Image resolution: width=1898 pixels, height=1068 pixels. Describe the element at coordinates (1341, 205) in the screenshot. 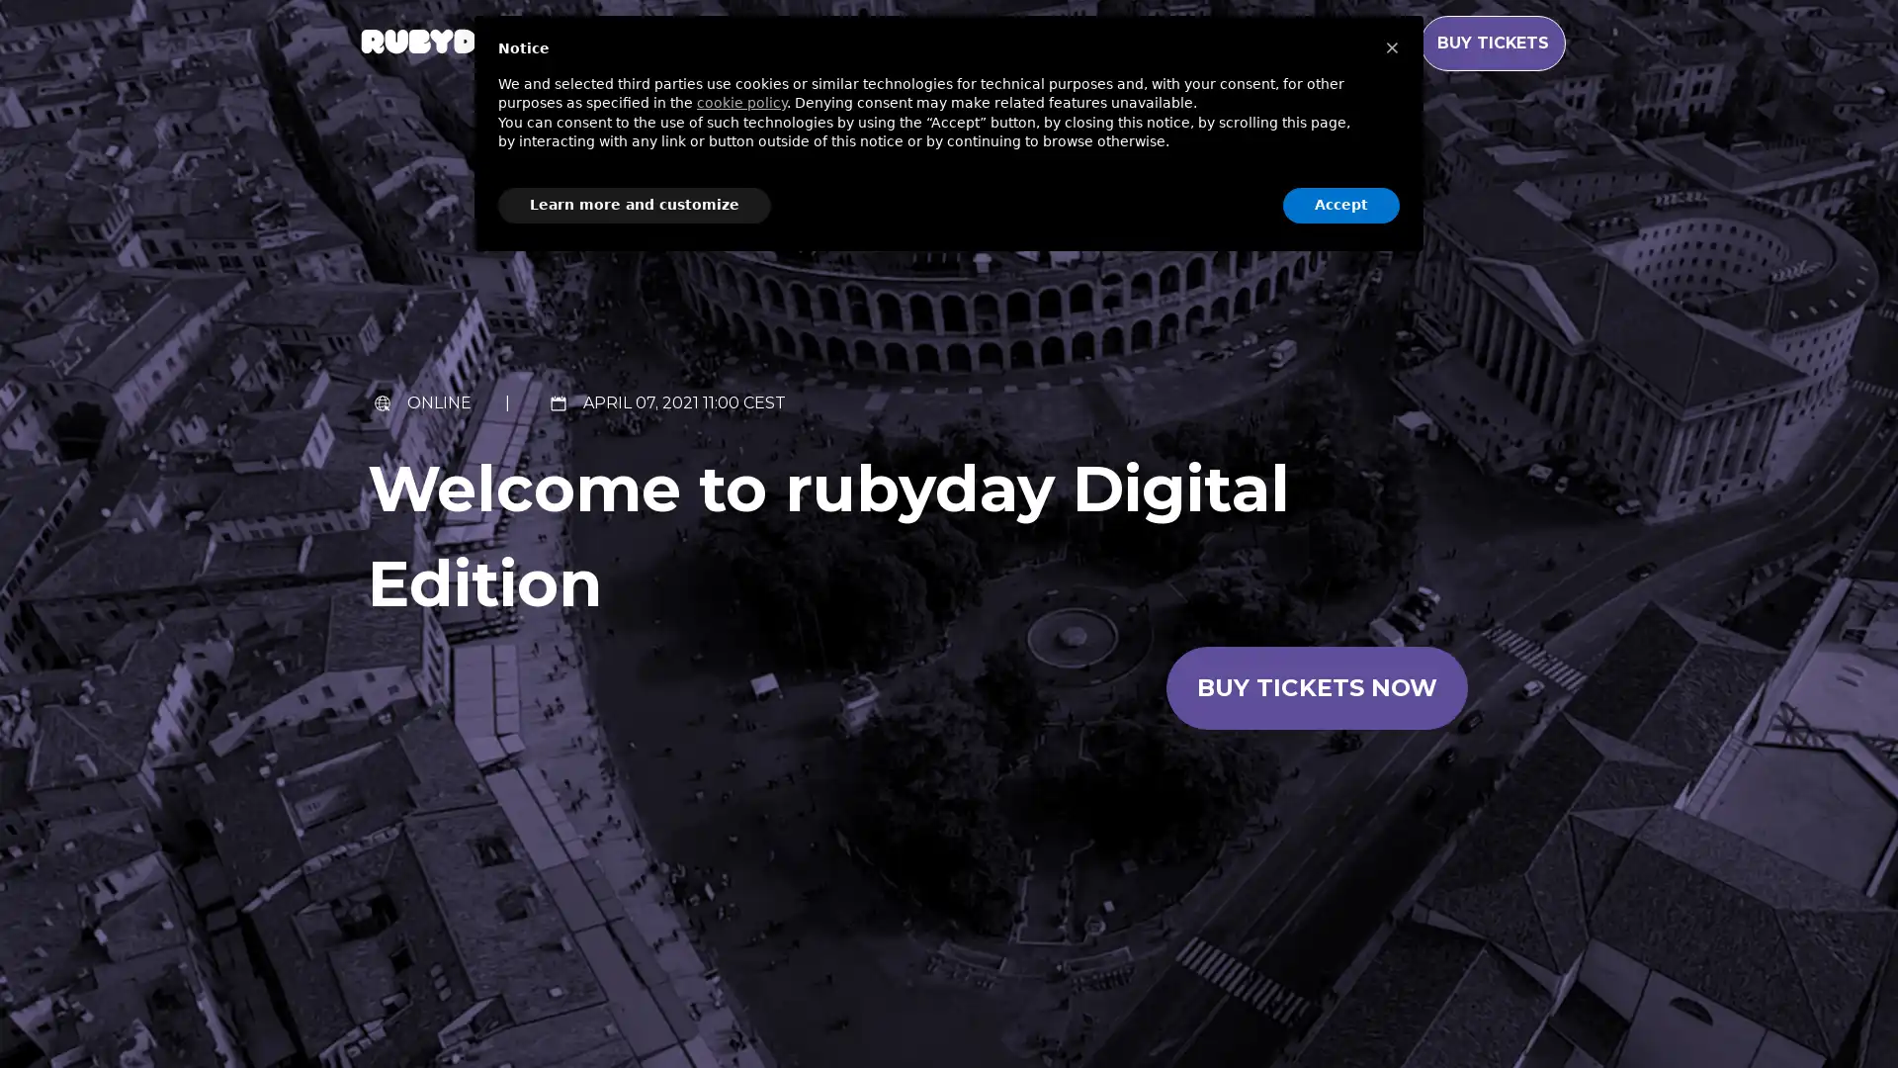

I see `Accept` at that location.